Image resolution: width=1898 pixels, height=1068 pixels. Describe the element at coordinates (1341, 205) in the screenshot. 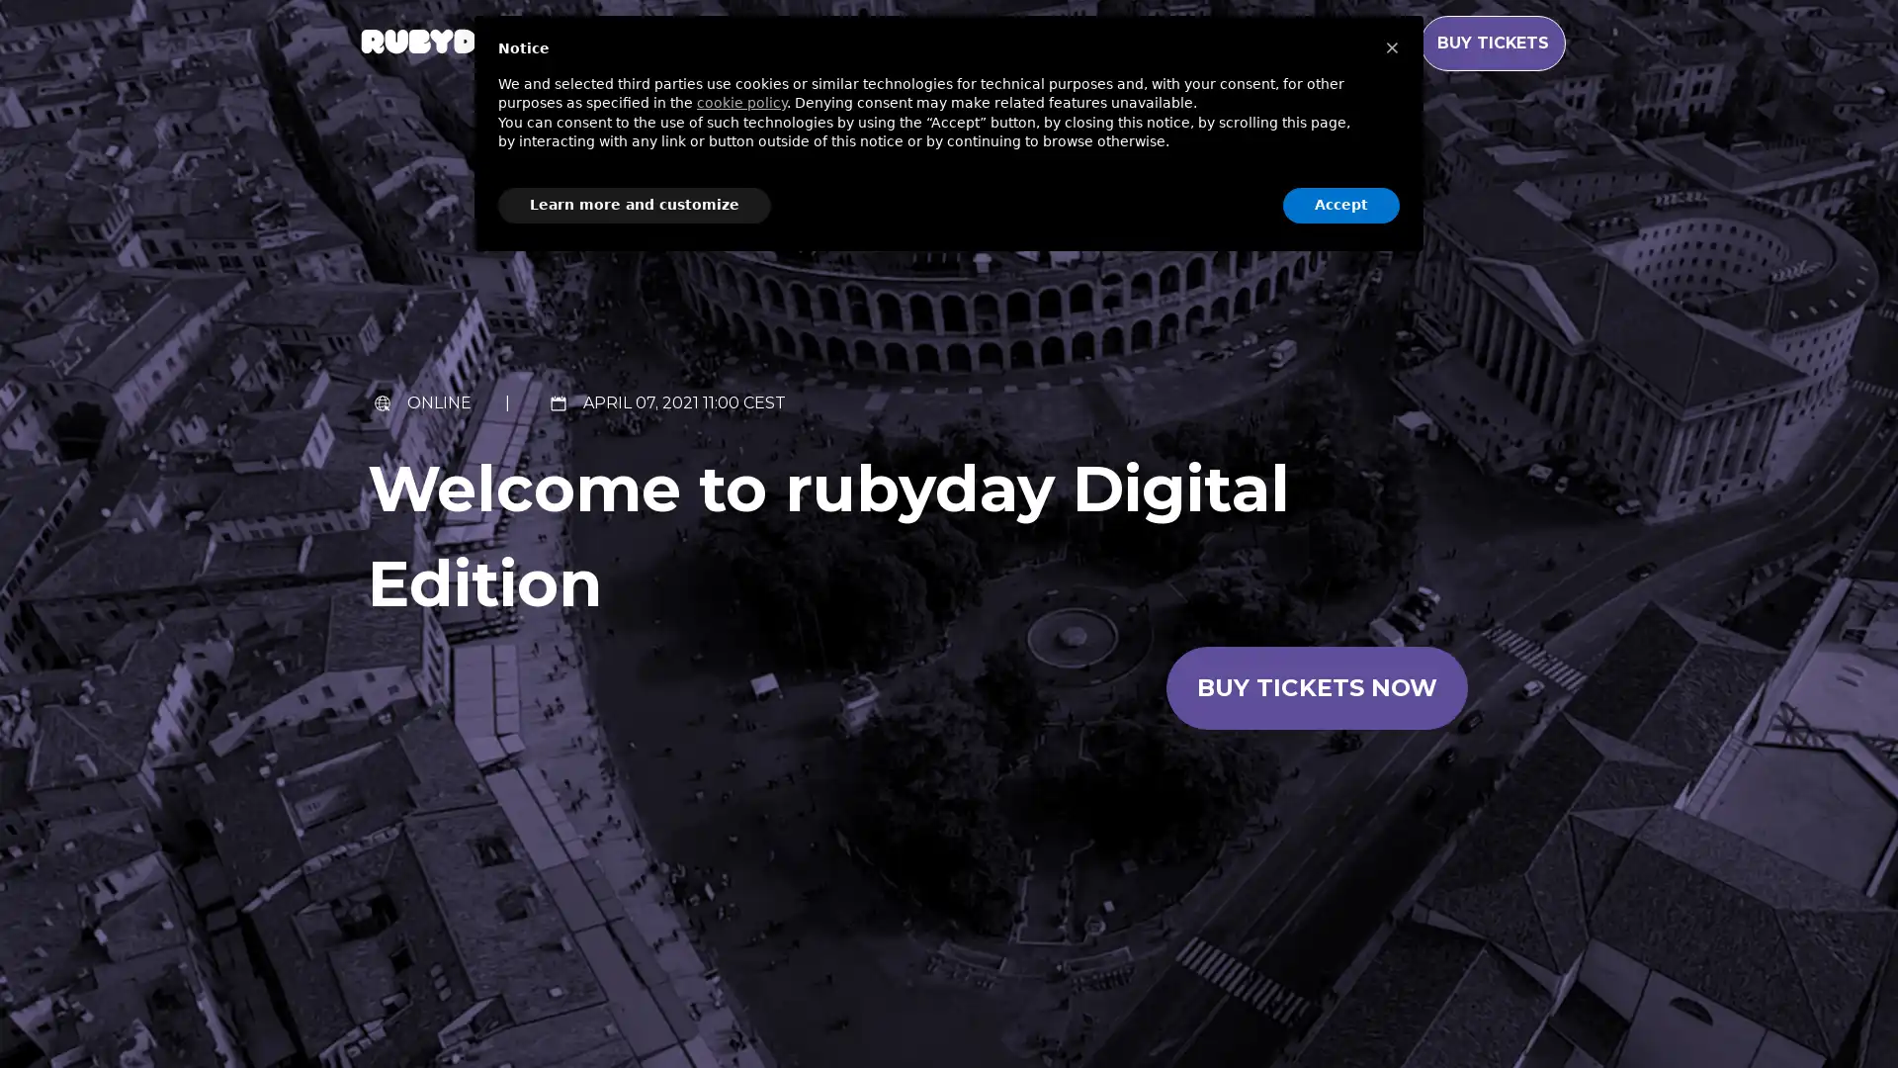

I see `Accept` at that location.